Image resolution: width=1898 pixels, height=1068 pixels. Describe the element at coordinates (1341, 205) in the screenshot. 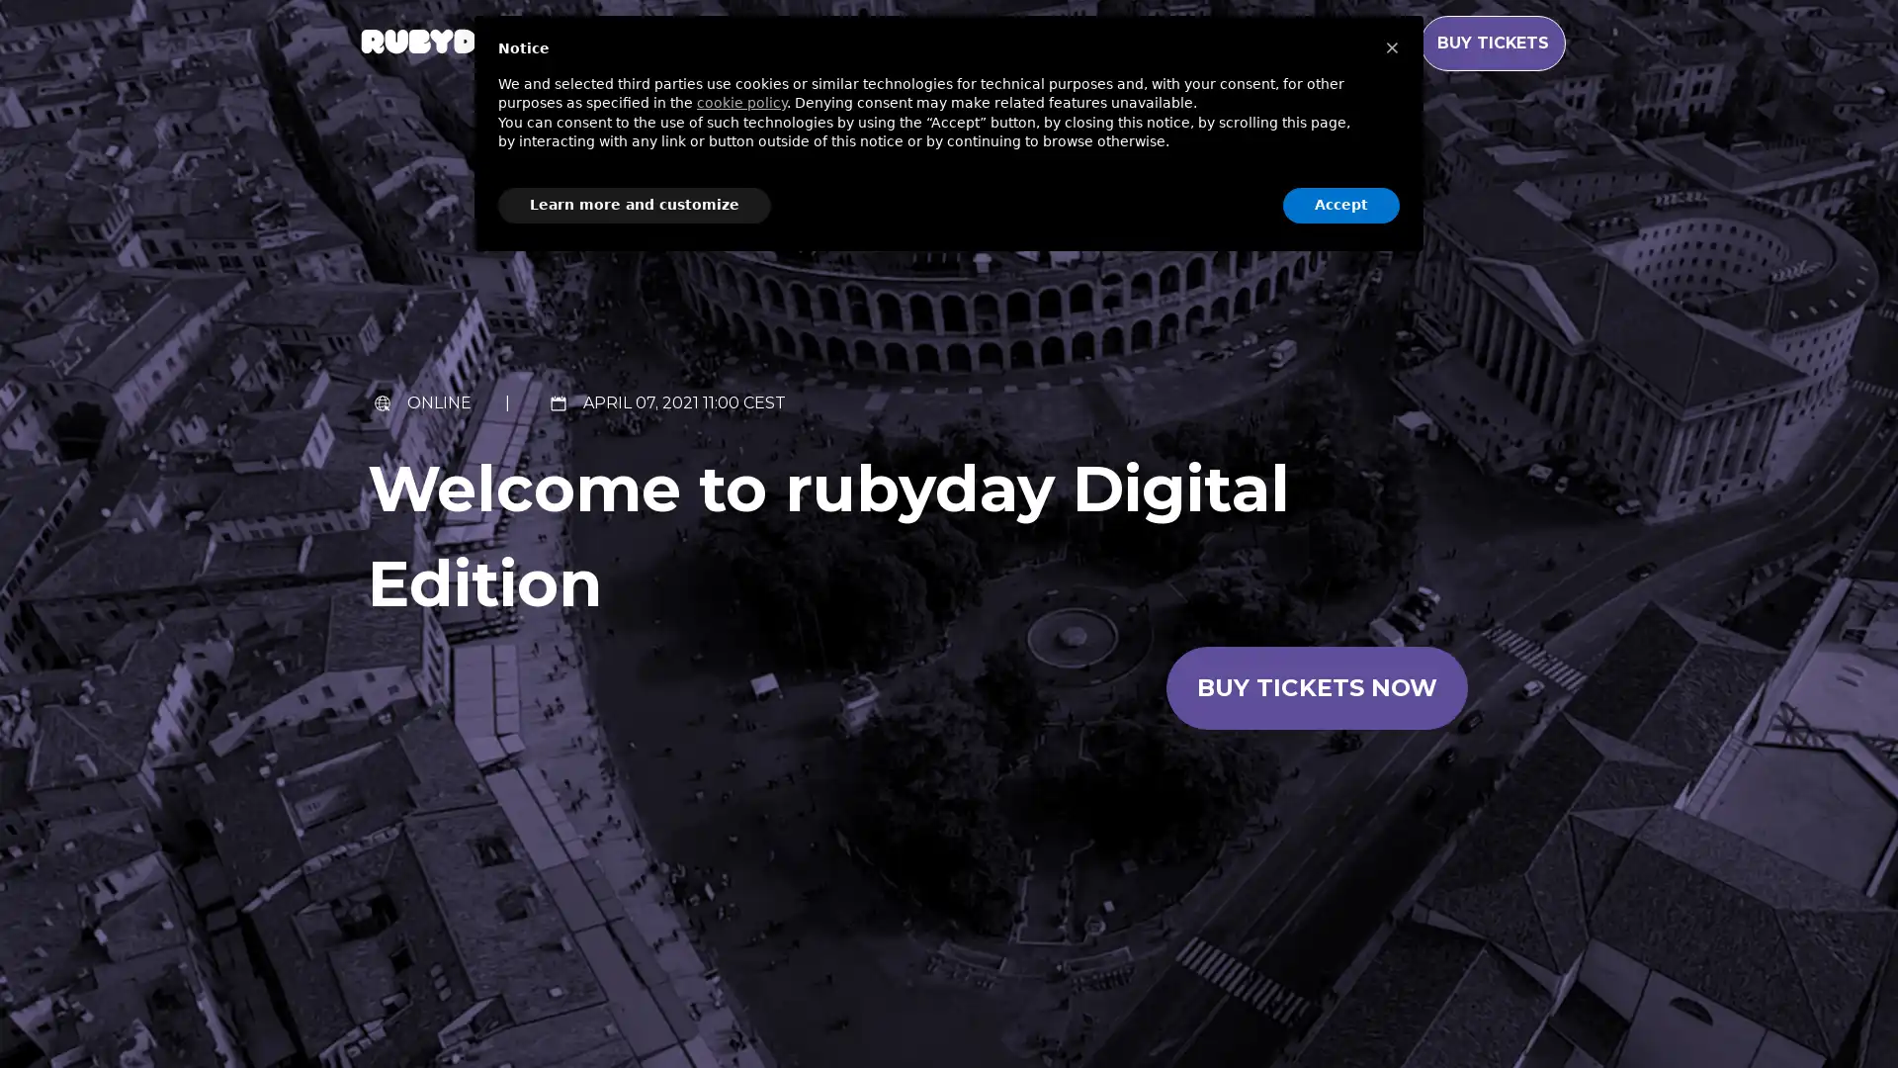

I see `Accept` at that location.